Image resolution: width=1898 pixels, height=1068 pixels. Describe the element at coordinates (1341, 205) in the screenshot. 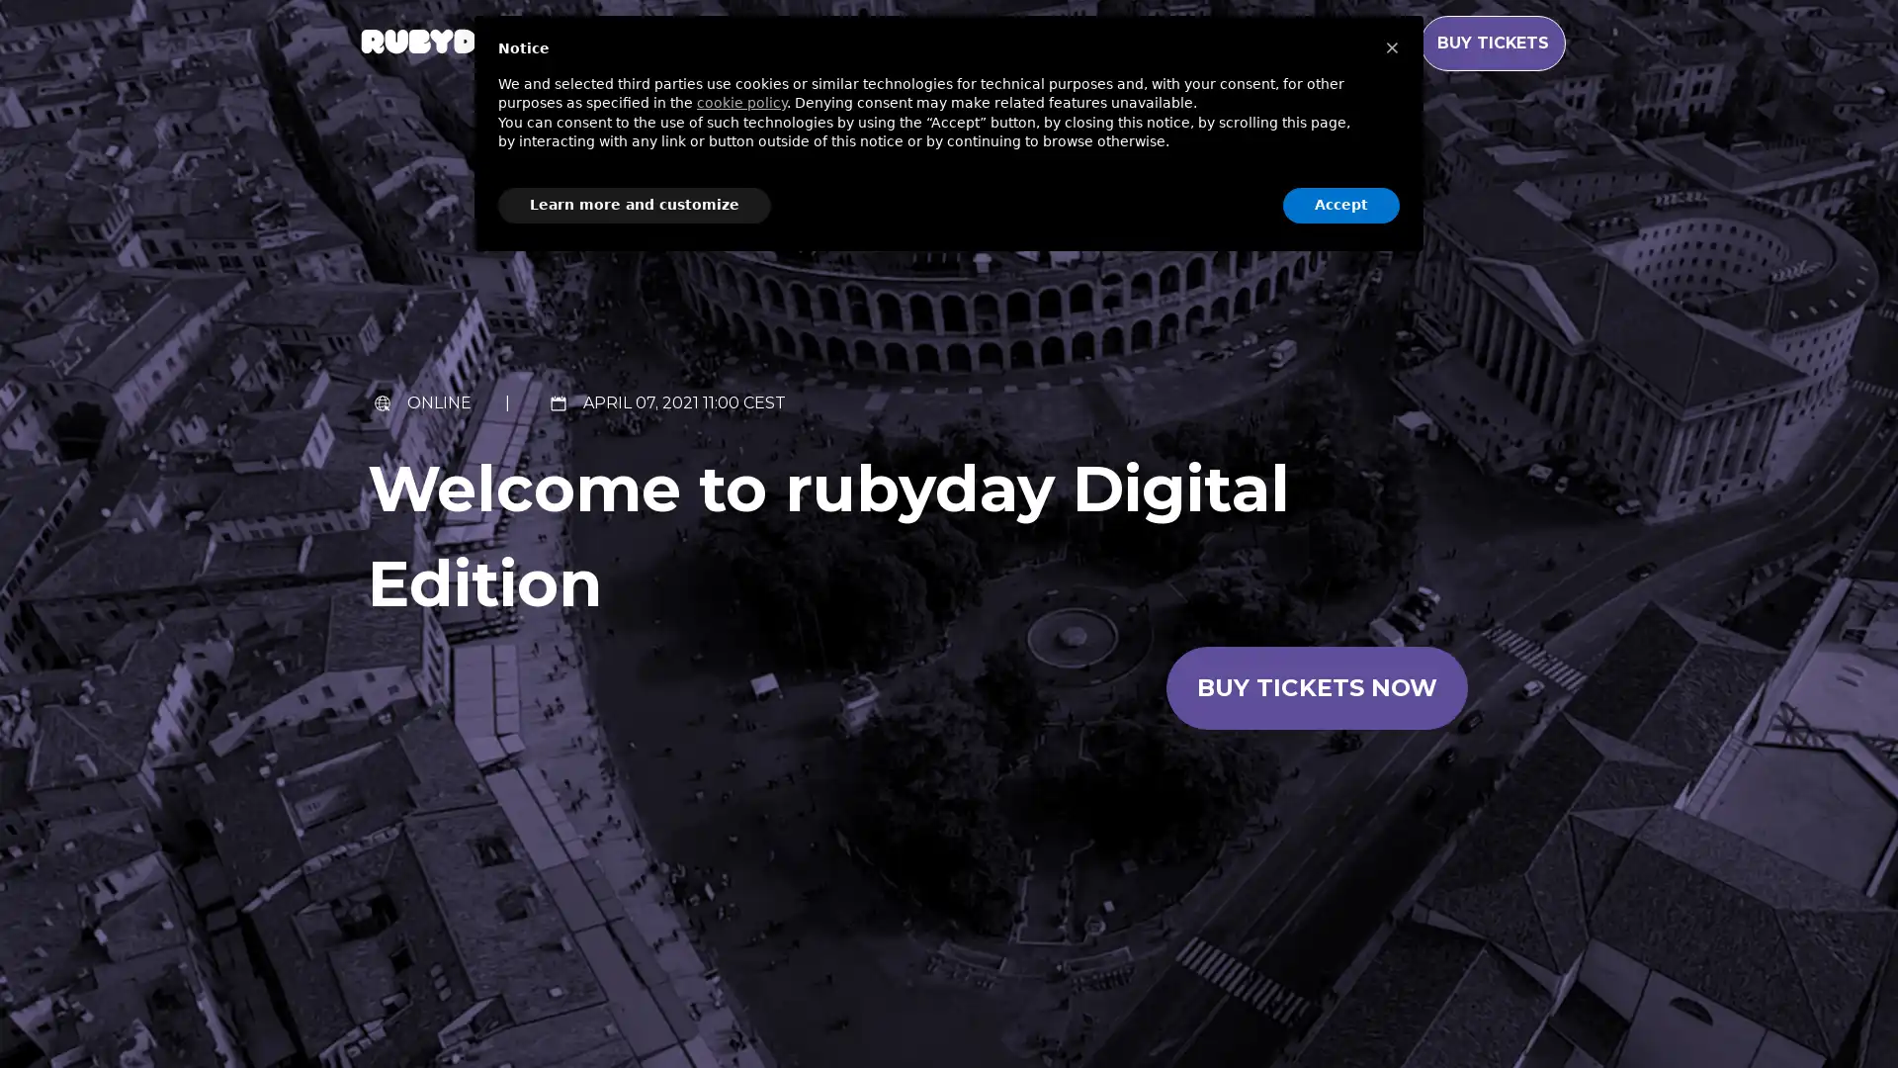

I see `Accept` at that location.